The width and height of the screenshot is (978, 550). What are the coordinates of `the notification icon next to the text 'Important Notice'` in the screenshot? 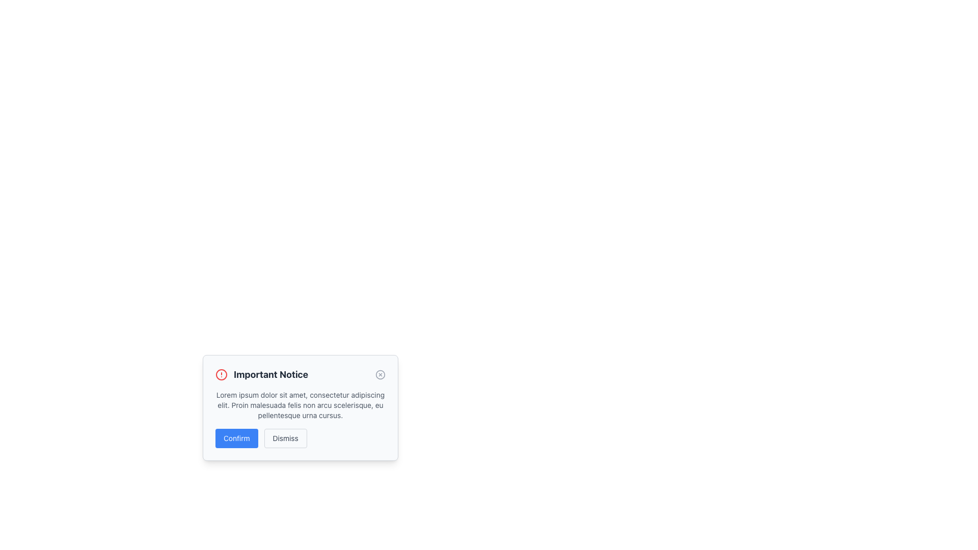 It's located at (221, 375).